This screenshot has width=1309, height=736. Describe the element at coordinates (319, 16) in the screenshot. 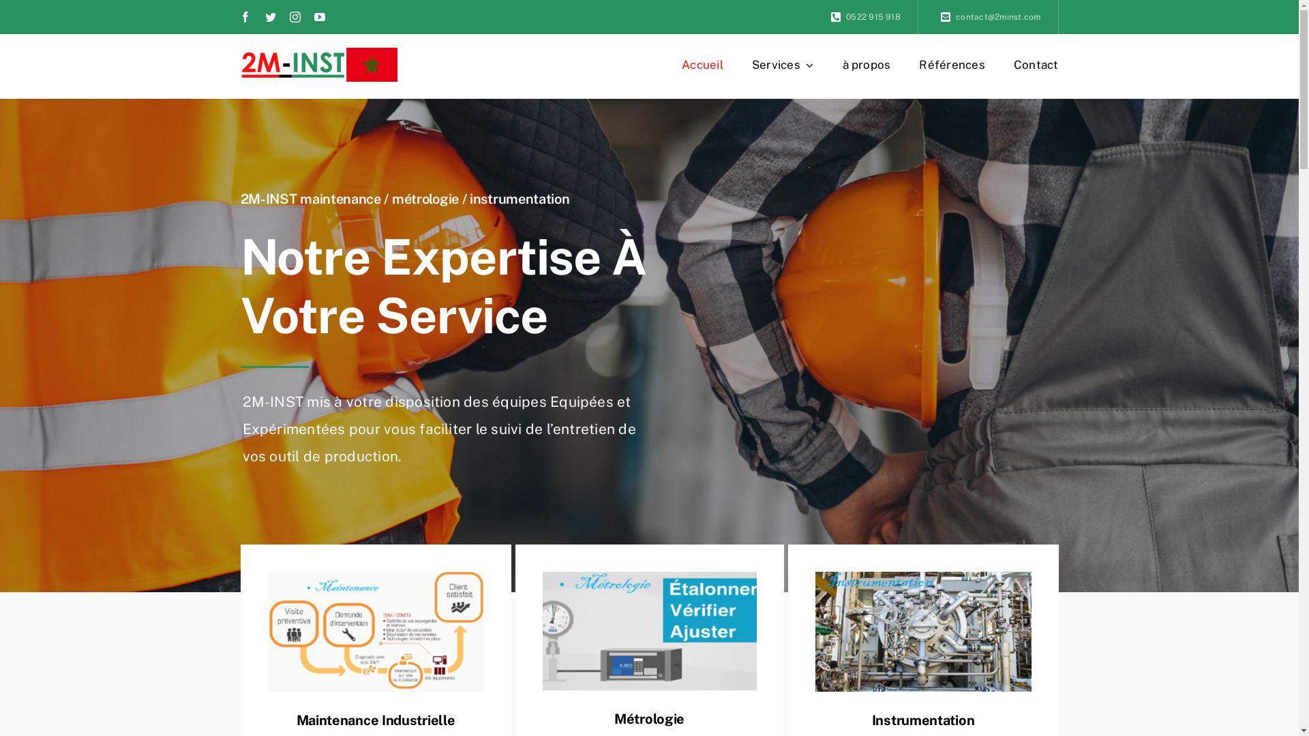

I see `'YouTube'` at that location.